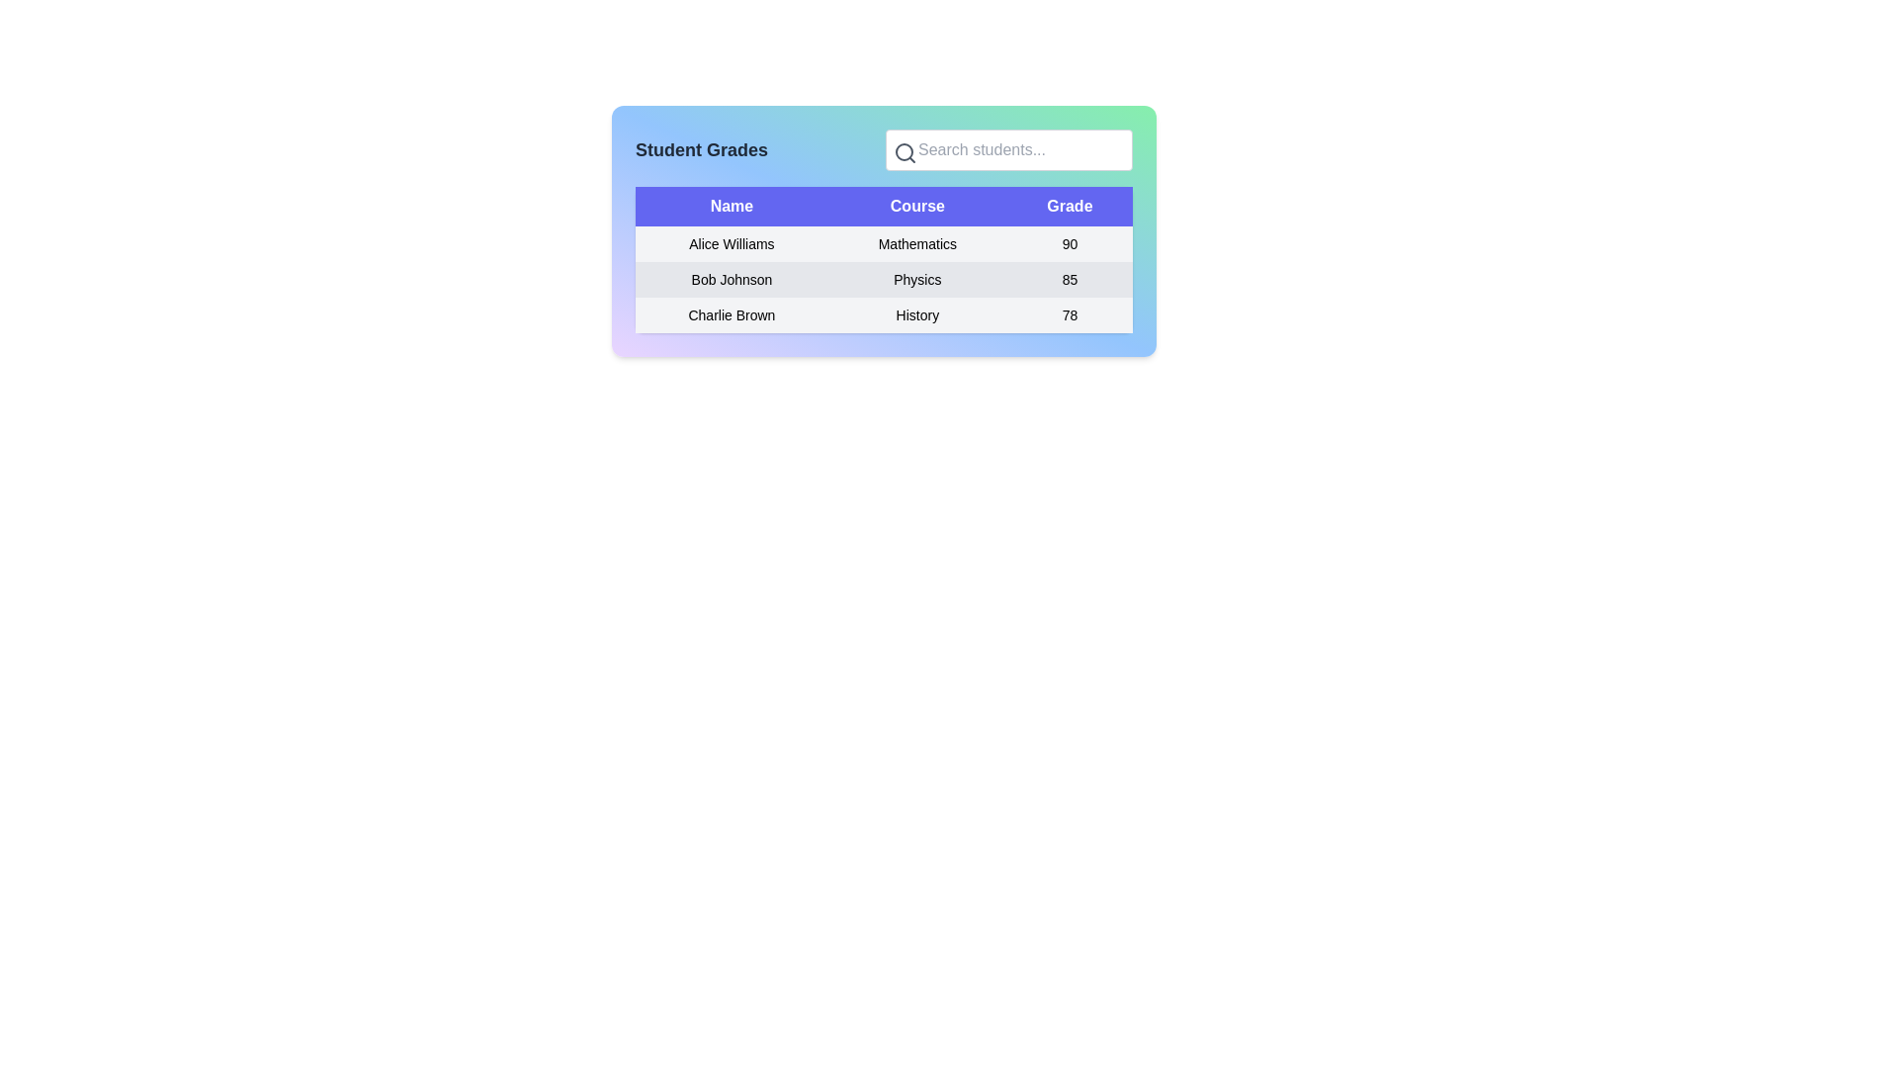  I want to click on the text label displaying 'Bob Johnson' in the 'Name' column of the table, positioned in the second row, so click(731, 279).